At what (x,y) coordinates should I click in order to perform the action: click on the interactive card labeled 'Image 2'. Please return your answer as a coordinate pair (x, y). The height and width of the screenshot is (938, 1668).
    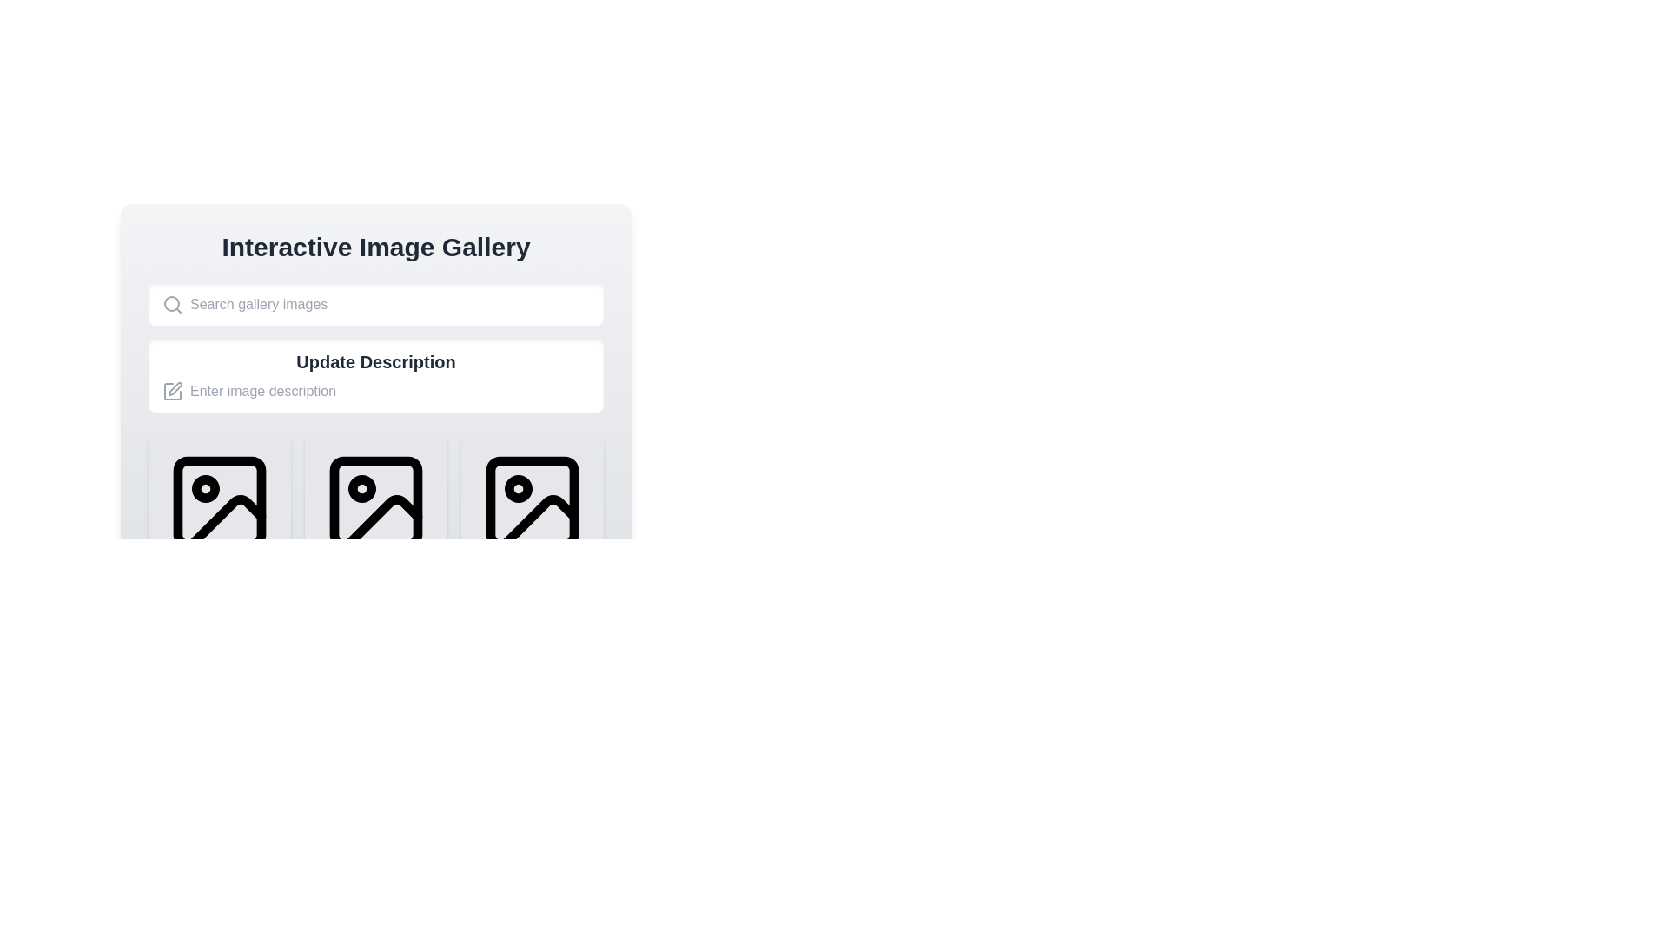
    Looking at the image, I should click on (374, 528).